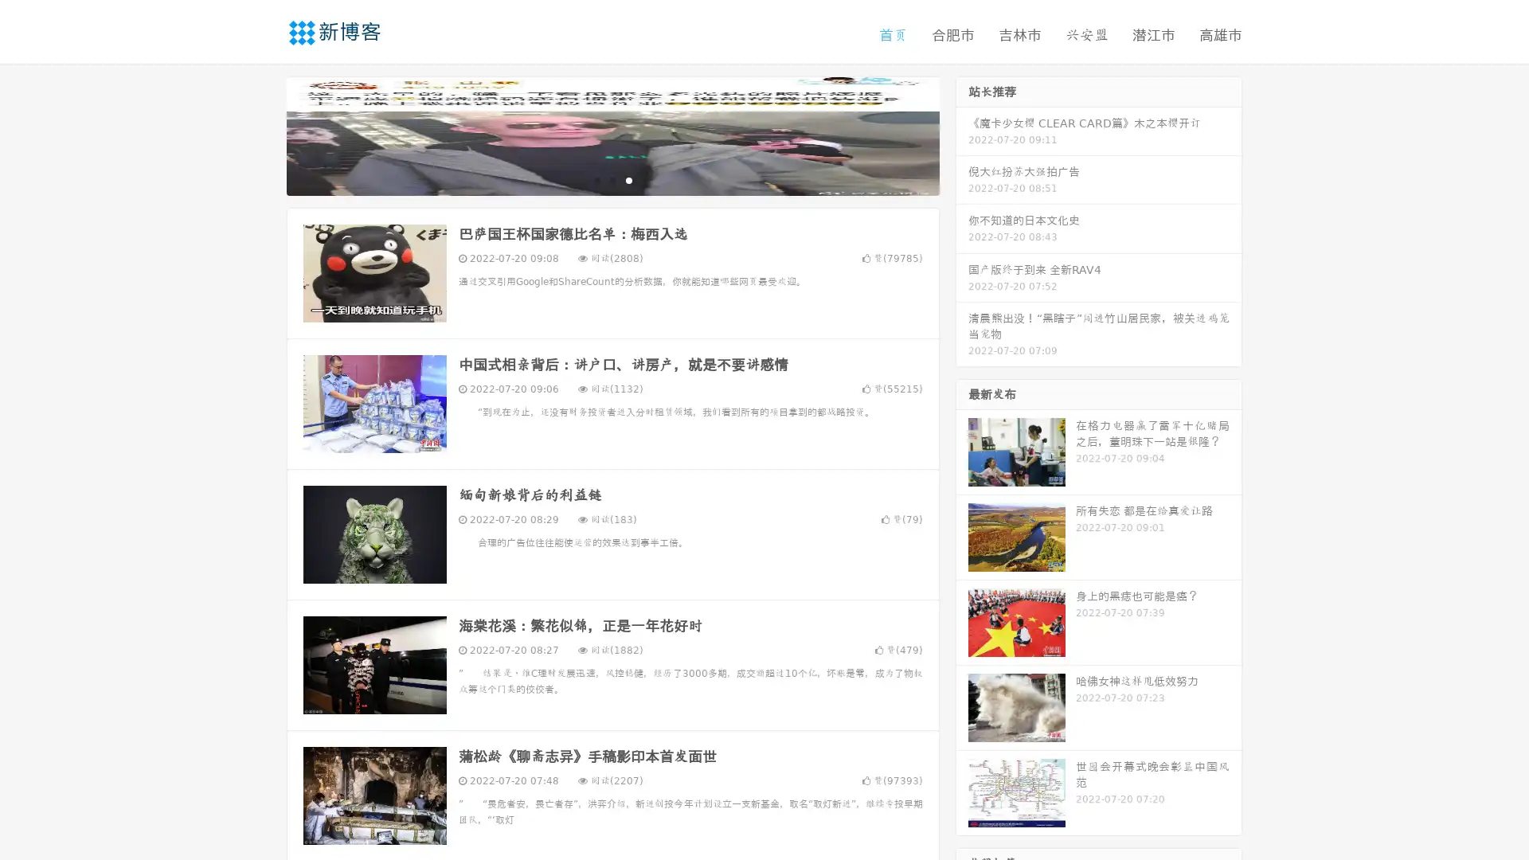  Describe the element at coordinates (612, 179) in the screenshot. I see `Go to slide 2` at that location.